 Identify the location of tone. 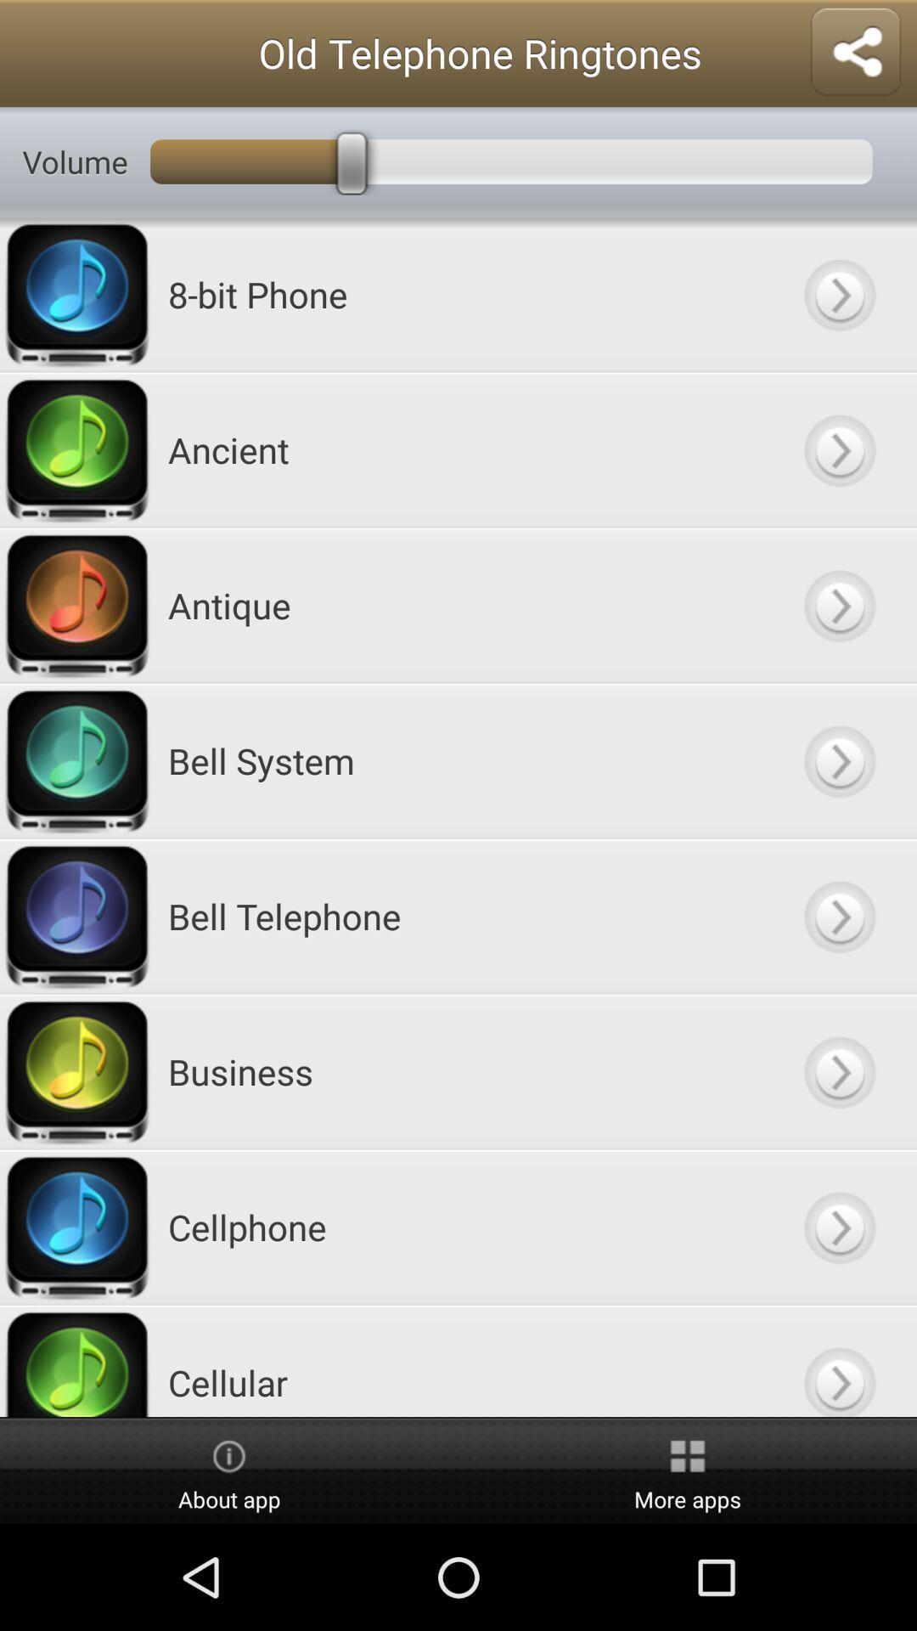
(838, 294).